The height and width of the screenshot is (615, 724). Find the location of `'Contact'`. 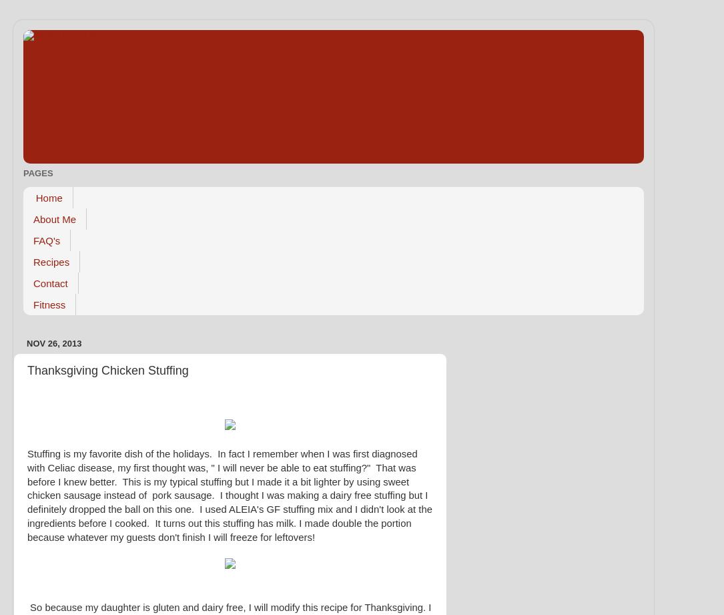

'Contact' is located at coordinates (50, 282).